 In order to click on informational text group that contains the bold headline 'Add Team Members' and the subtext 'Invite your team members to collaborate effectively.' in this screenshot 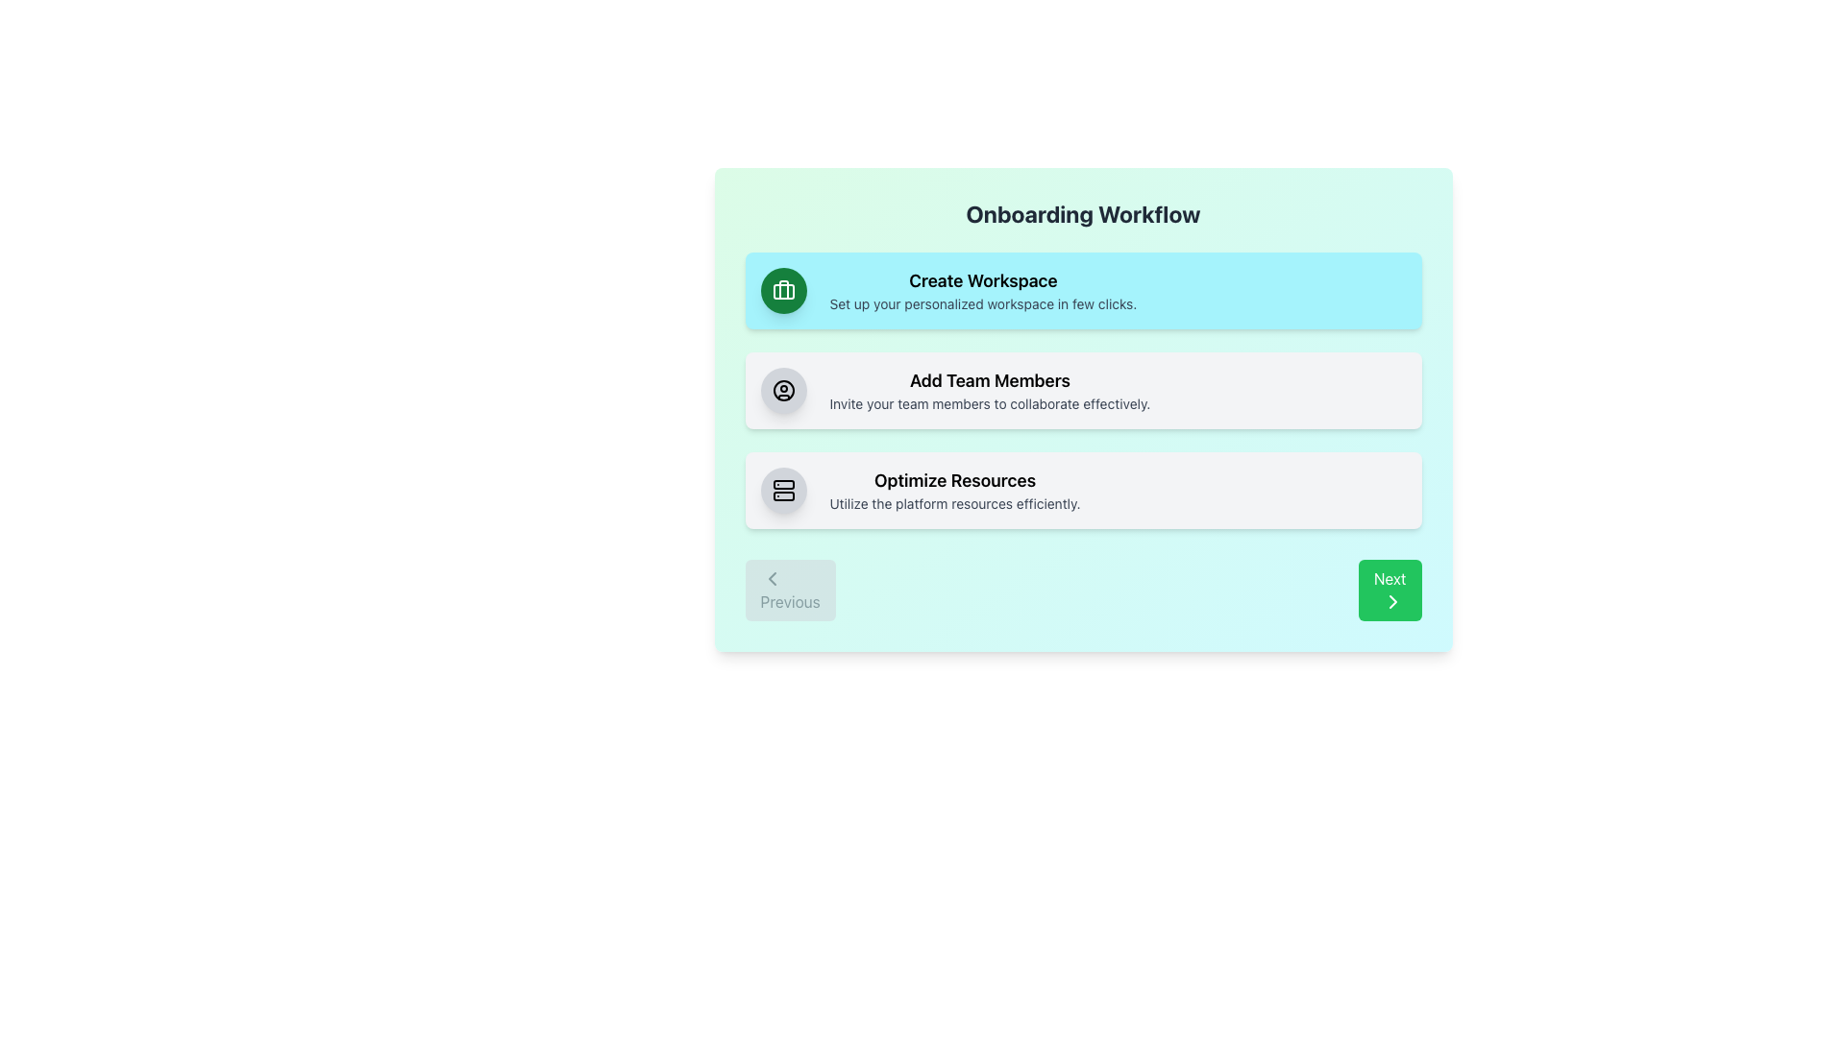, I will do `click(990, 390)`.